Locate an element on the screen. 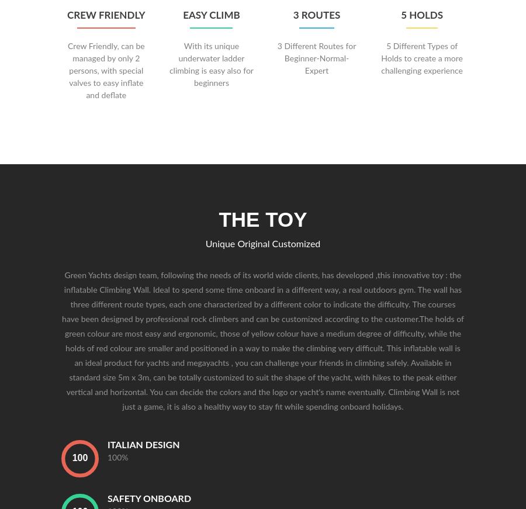 The height and width of the screenshot is (509, 526). 'Crew Friendly, can be managed by only 2 persons, with special valves to easy inflate and deflate' is located at coordinates (106, 70).